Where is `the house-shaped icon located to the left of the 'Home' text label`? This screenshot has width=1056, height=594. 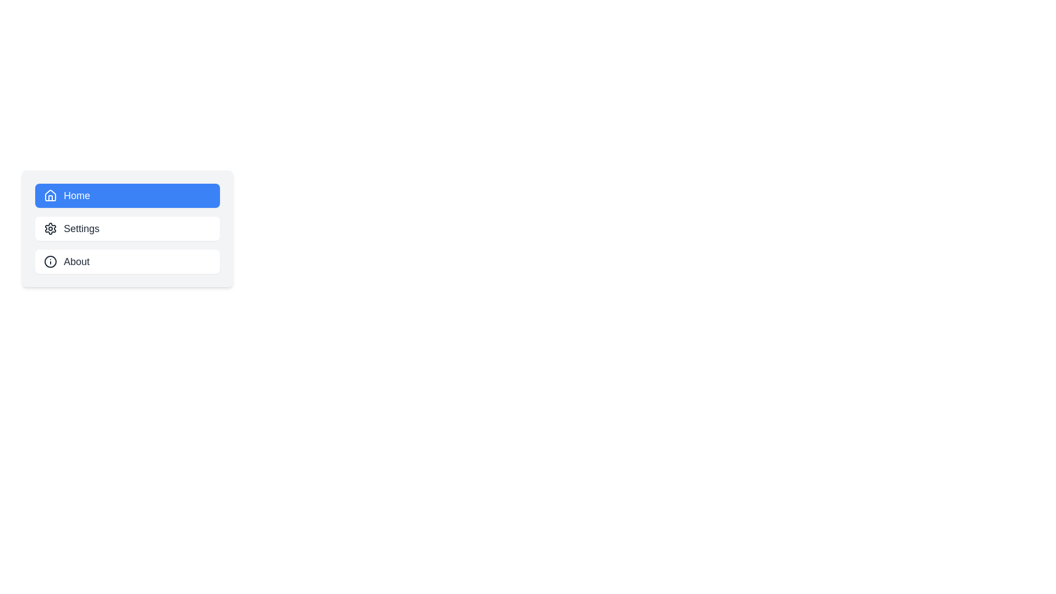 the house-shaped icon located to the left of the 'Home' text label is located at coordinates (50, 195).